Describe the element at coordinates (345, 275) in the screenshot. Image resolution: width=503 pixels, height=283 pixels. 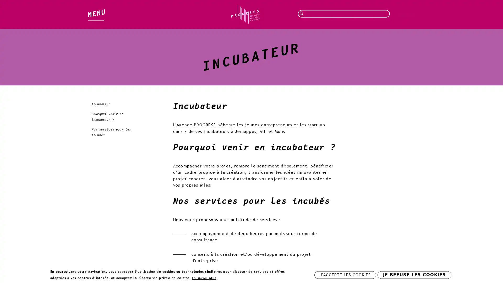
I see `J'ACCEPTE LES COOKIES` at that location.